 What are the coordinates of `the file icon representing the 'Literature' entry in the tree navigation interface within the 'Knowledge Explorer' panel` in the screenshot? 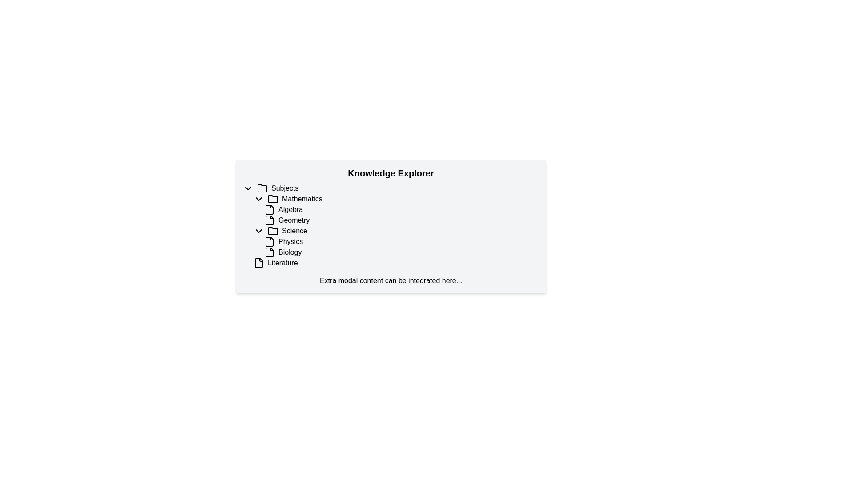 It's located at (258, 262).